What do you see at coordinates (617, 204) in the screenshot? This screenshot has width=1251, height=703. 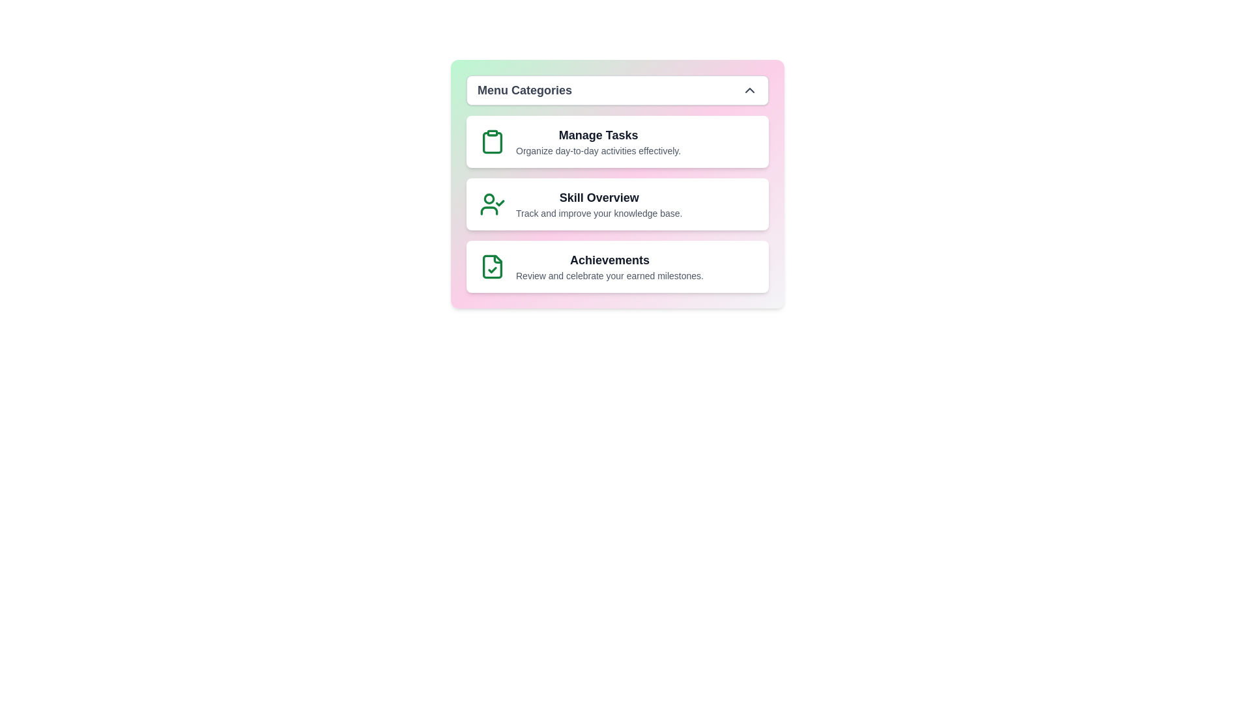 I see `the category card corresponding to Skill Overview` at bounding box center [617, 204].